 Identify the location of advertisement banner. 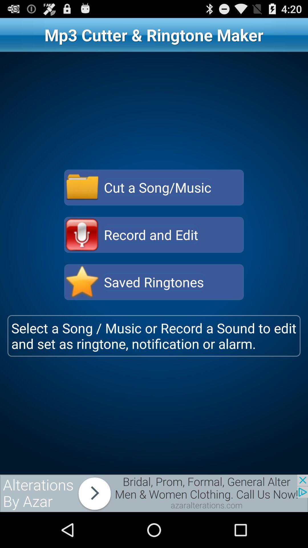
(154, 493).